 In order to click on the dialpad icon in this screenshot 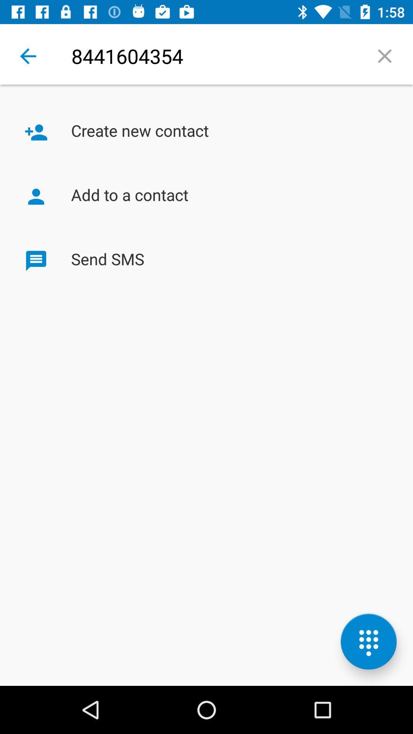, I will do `click(368, 641)`.